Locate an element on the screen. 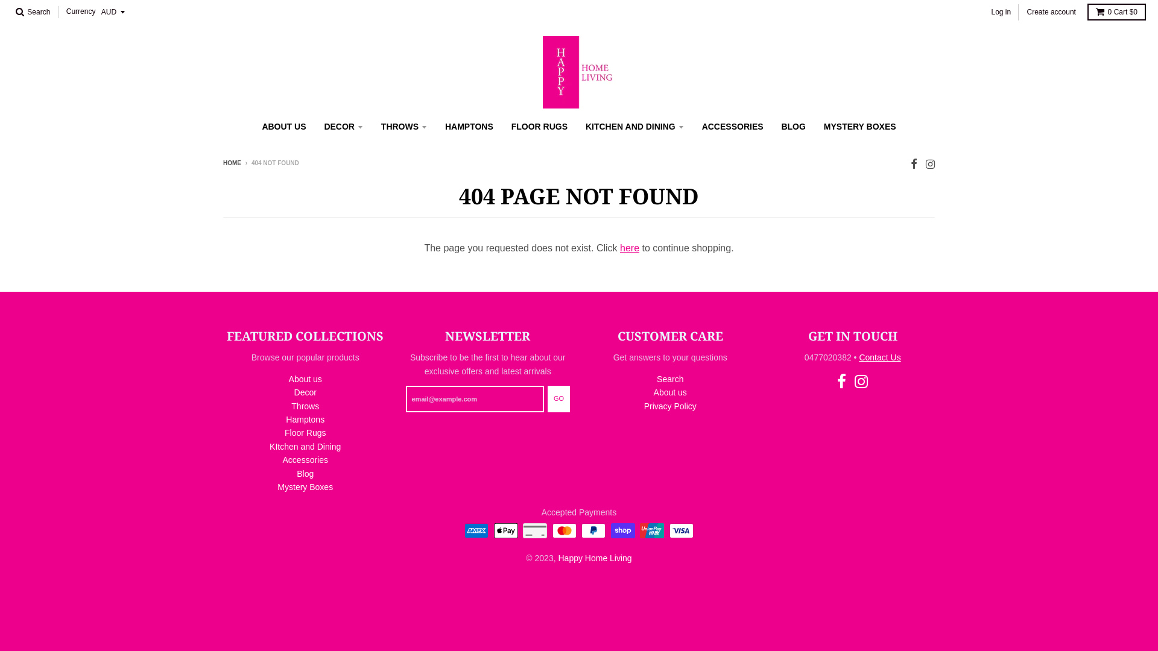 This screenshot has width=1158, height=651. 'Hamptons' is located at coordinates (305, 418).